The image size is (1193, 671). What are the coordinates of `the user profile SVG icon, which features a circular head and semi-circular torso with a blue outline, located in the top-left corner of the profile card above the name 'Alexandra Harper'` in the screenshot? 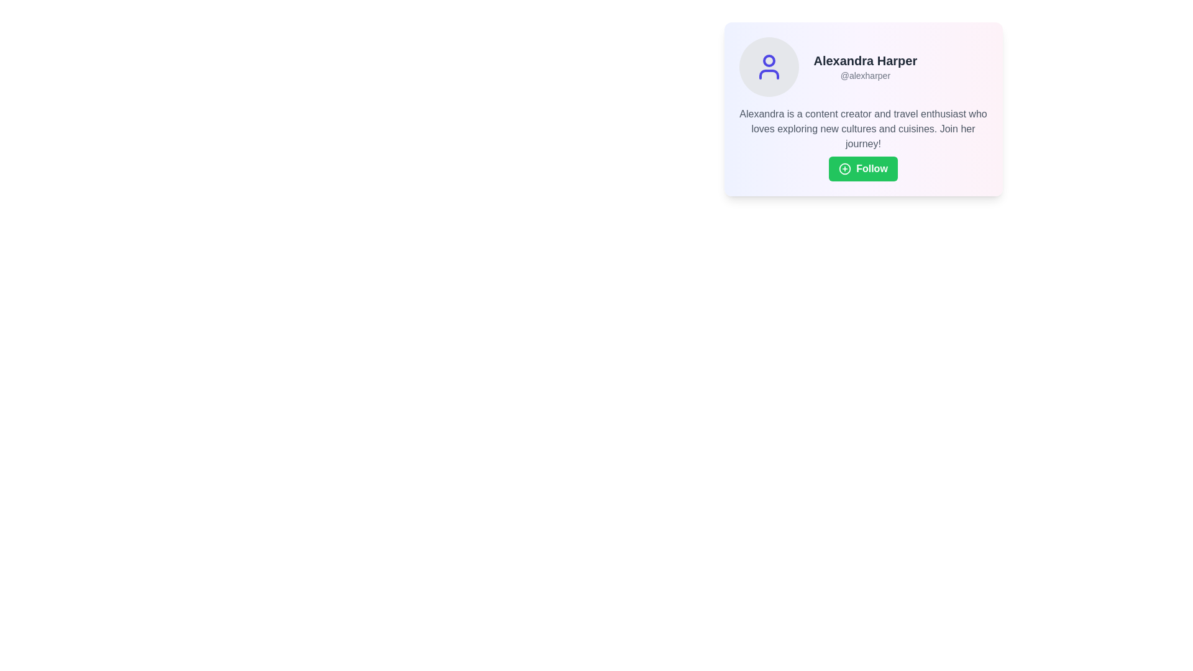 It's located at (768, 67).